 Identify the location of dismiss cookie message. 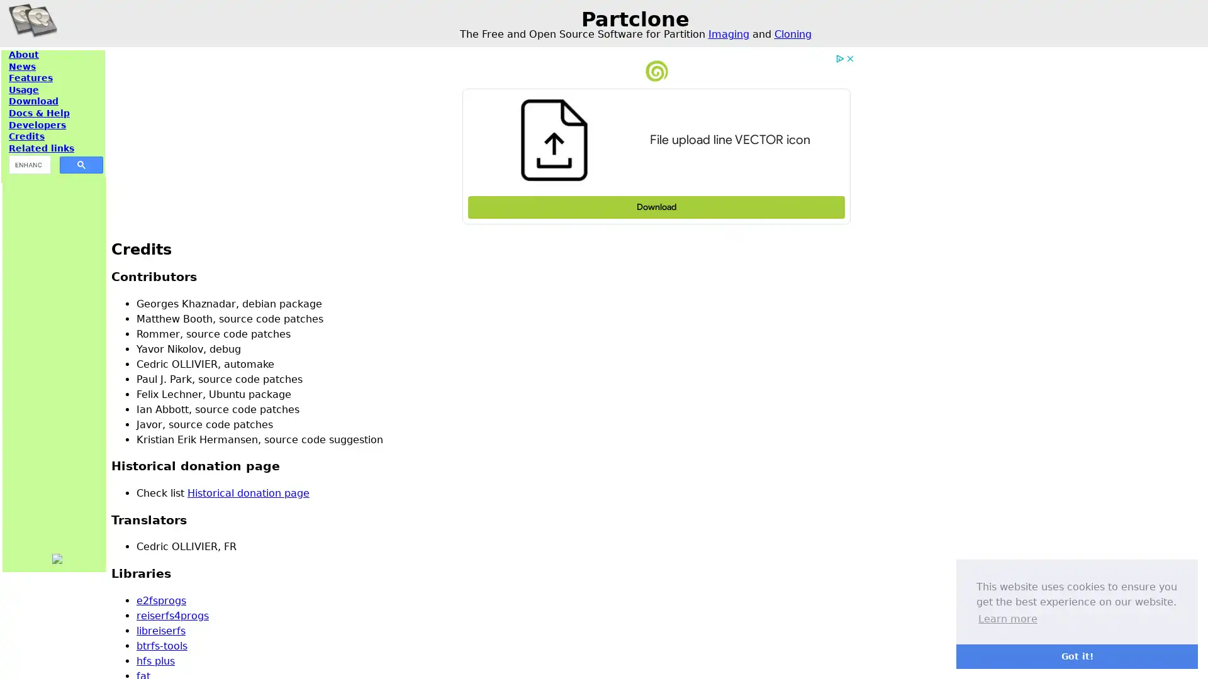
(1077, 656).